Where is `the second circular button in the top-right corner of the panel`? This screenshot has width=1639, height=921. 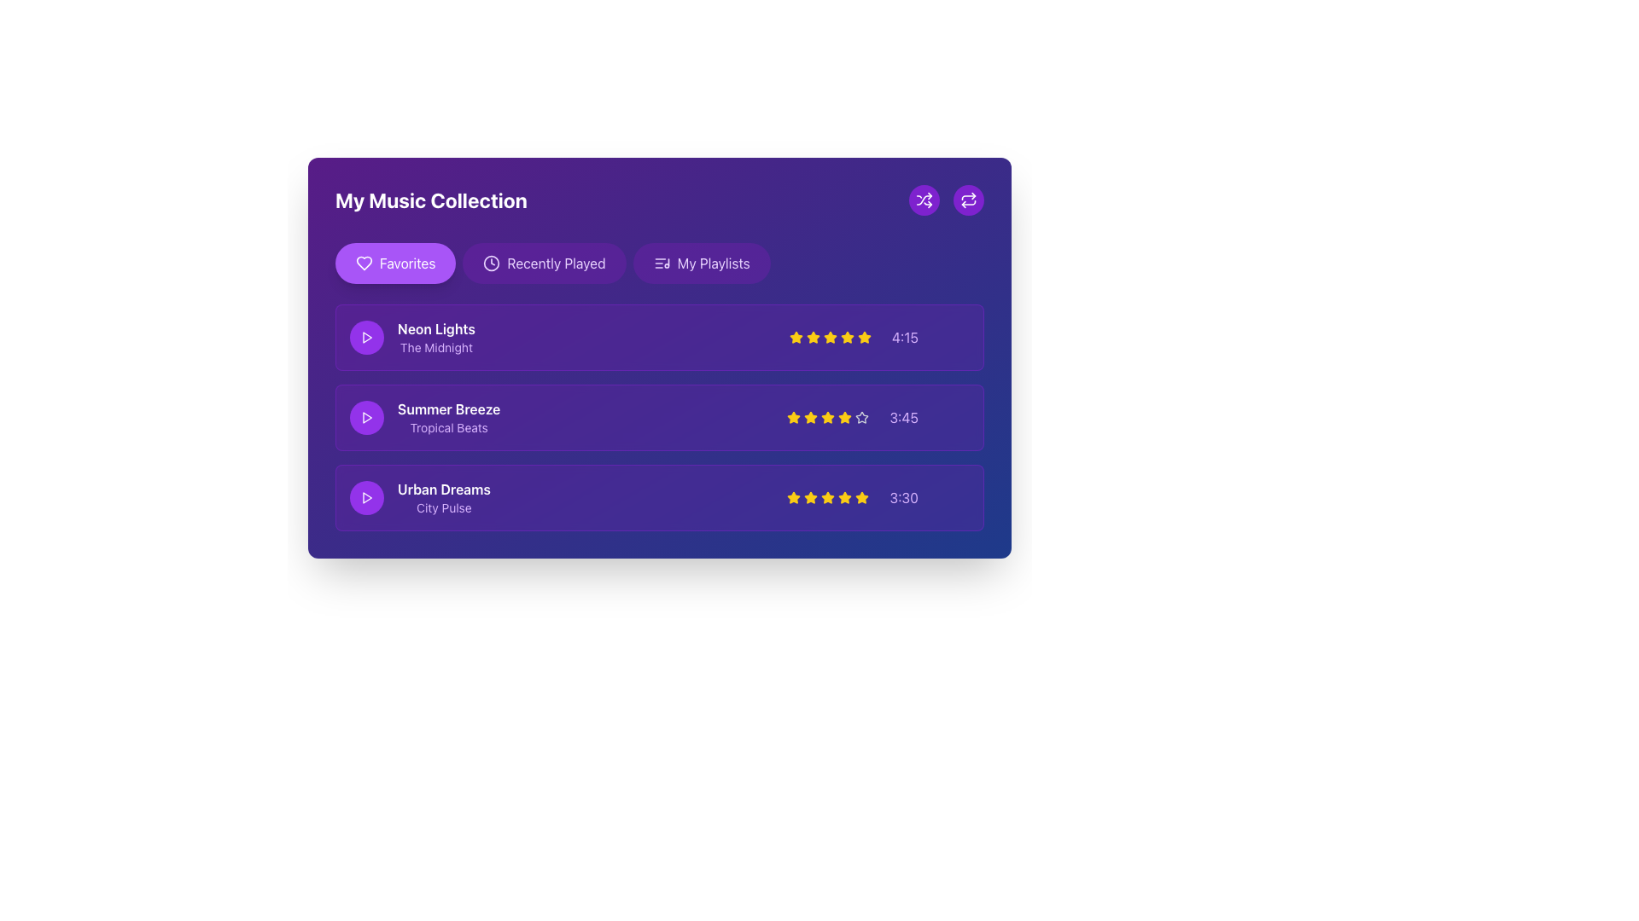
the second circular button in the top-right corner of the panel is located at coordinates (968, 200).